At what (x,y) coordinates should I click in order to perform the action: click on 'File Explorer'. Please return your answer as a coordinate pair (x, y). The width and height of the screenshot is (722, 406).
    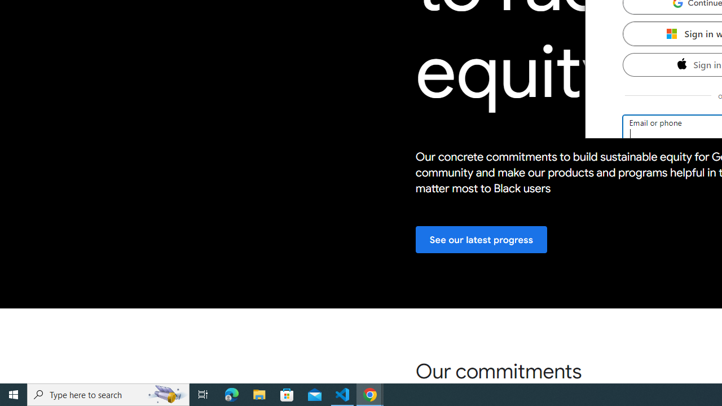
    Looking at the image, I should click on (259, 394).